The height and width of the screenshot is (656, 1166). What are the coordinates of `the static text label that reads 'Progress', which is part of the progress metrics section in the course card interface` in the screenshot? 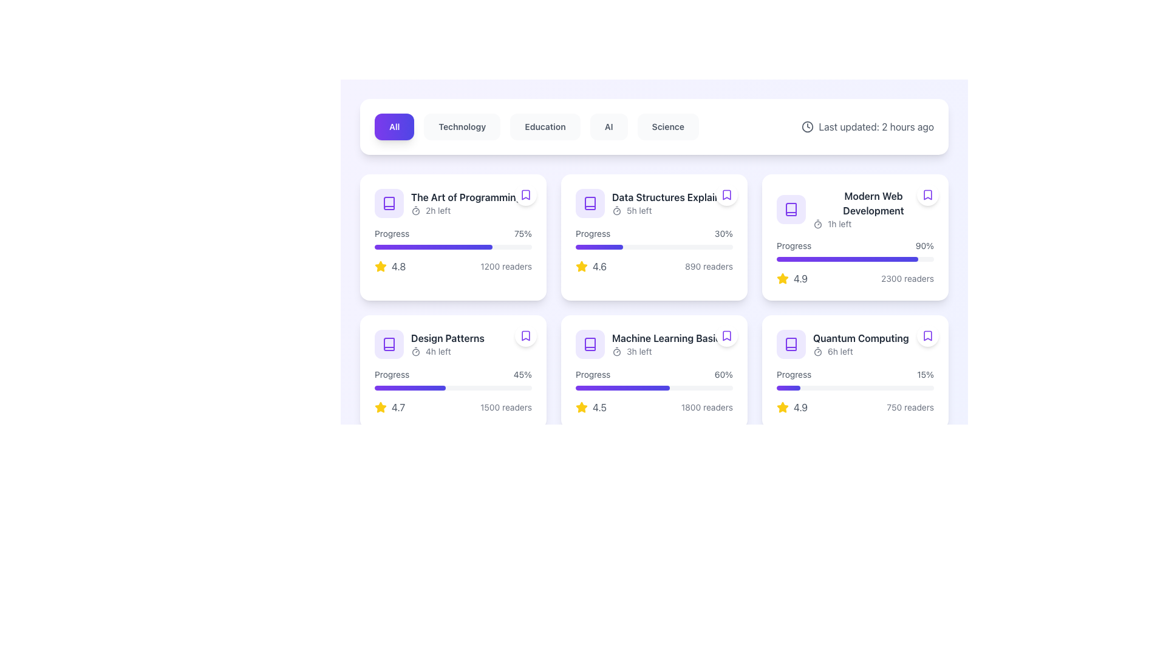 It's located at (593, 374).